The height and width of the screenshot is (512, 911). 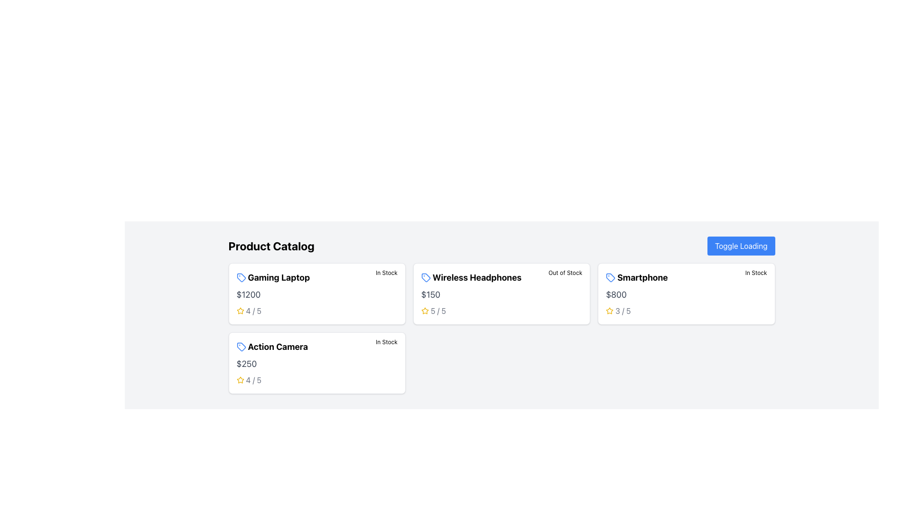 I want to click on the gray text label displaying the price '$800' for the 'Smartphone' product, located below the title and above the rating information in the product card, so click(x=616, y=294).